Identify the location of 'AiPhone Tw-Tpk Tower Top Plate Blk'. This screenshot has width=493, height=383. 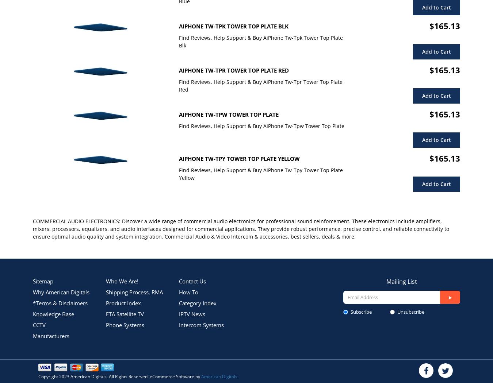
(234, 26).